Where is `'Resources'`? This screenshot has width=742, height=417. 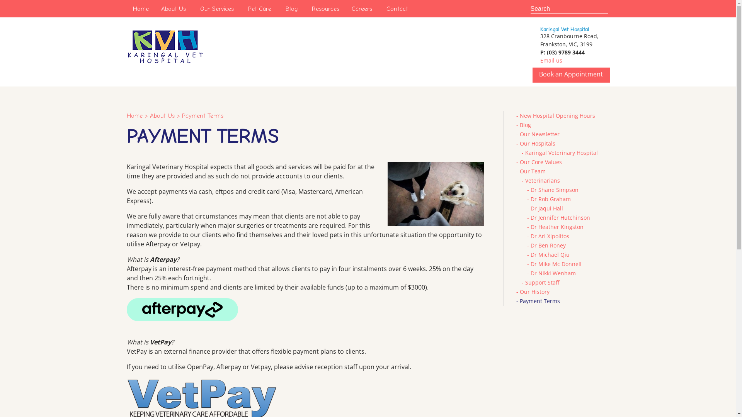 'Resources' is located at coordinates (305, 8).